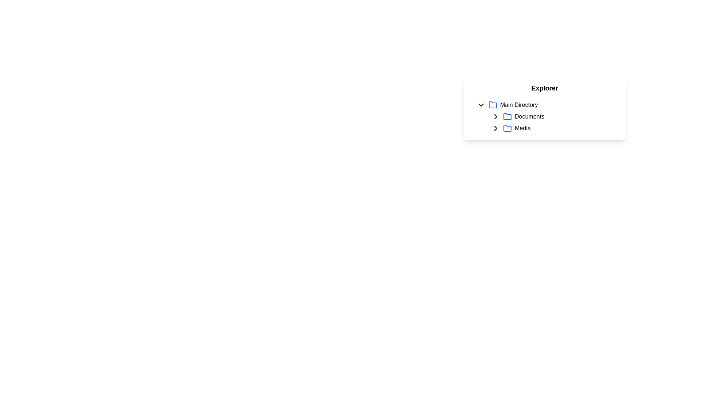 This screenshot has width=701, height=394. I want to click on the 'Media' static text label, which is part of a tree-like directory structure and follows the 'Documents' folder, so click(522, 128).